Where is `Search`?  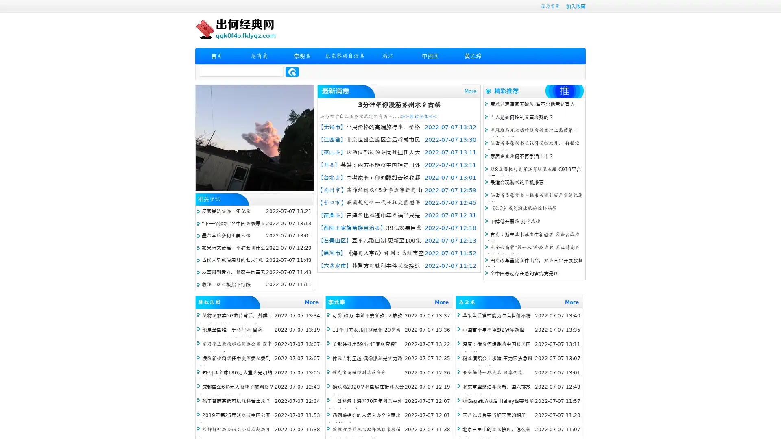
Search is located at coordinates (292, 72).